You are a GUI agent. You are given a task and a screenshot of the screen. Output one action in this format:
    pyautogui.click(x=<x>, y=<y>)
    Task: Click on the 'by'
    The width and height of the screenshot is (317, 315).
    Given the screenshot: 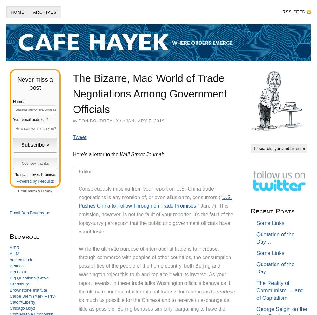 What is the action you would take?
    pyautogui.click(x=74, y=121)
    